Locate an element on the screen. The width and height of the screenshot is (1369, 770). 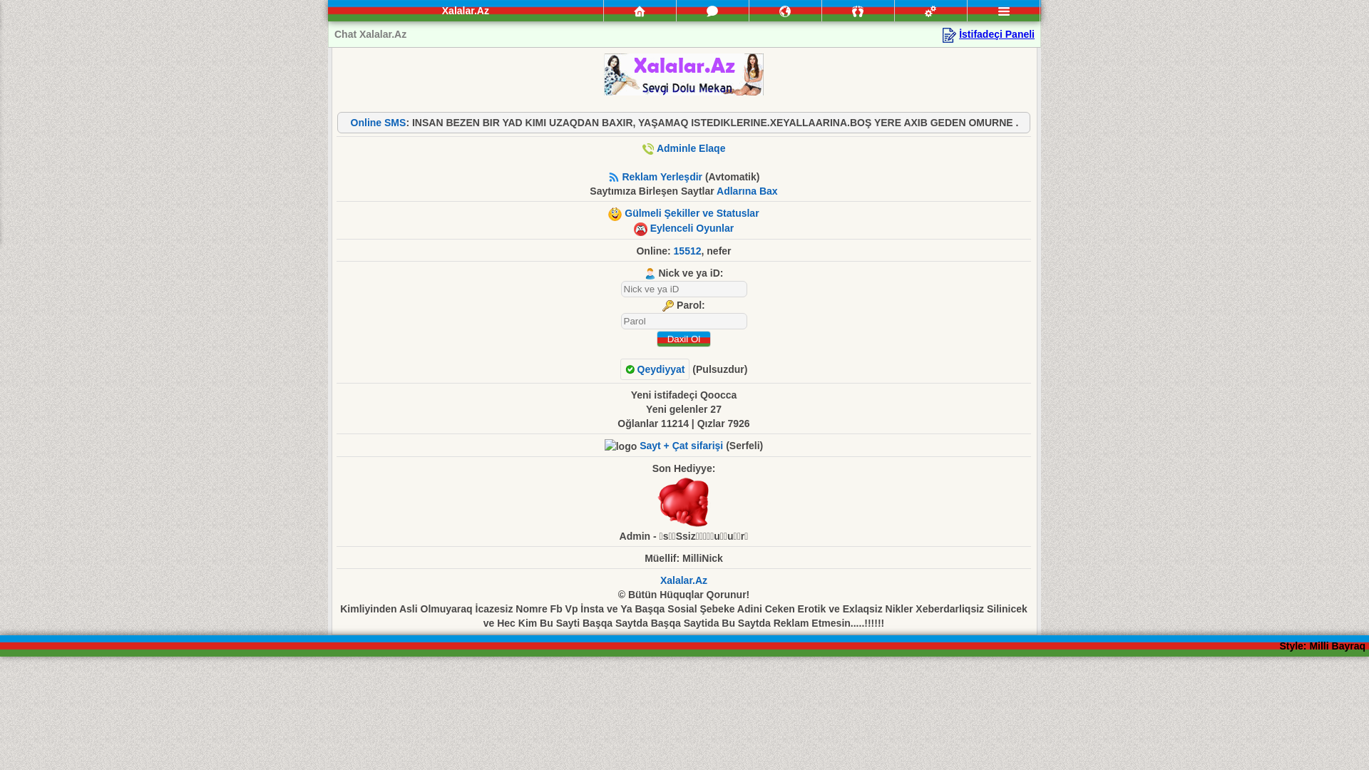
'Mesajlar' is located at coordinates (712, 11).